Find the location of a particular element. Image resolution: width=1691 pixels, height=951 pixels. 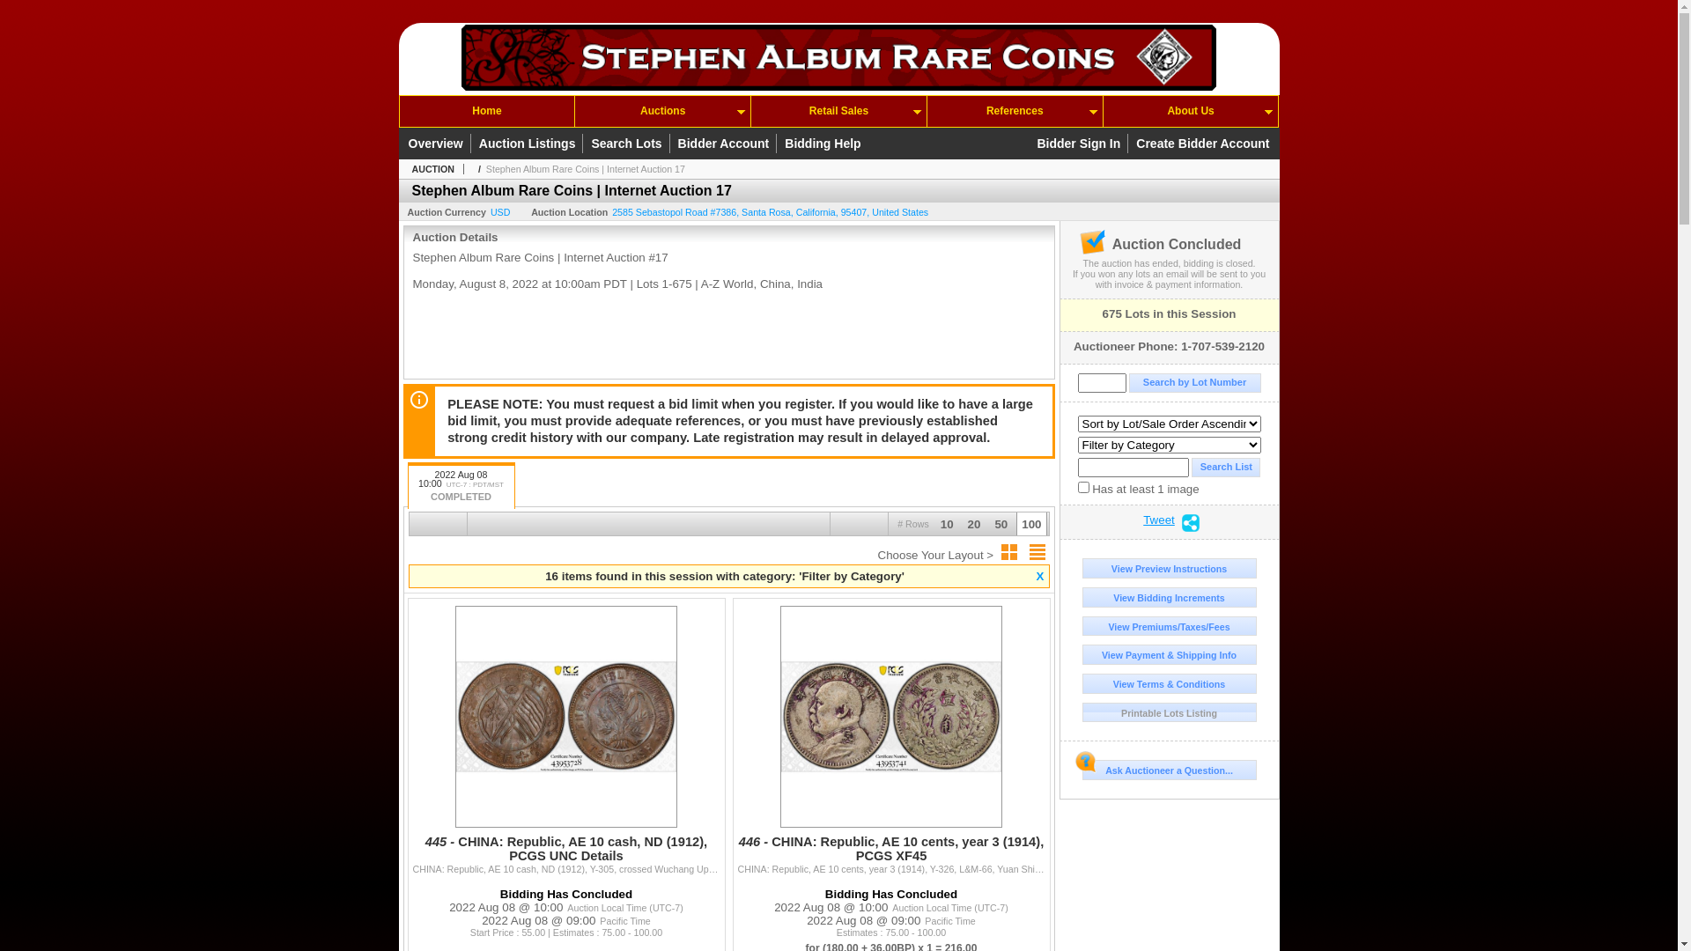

'Tweet' is located at coordinates (1158, 522).